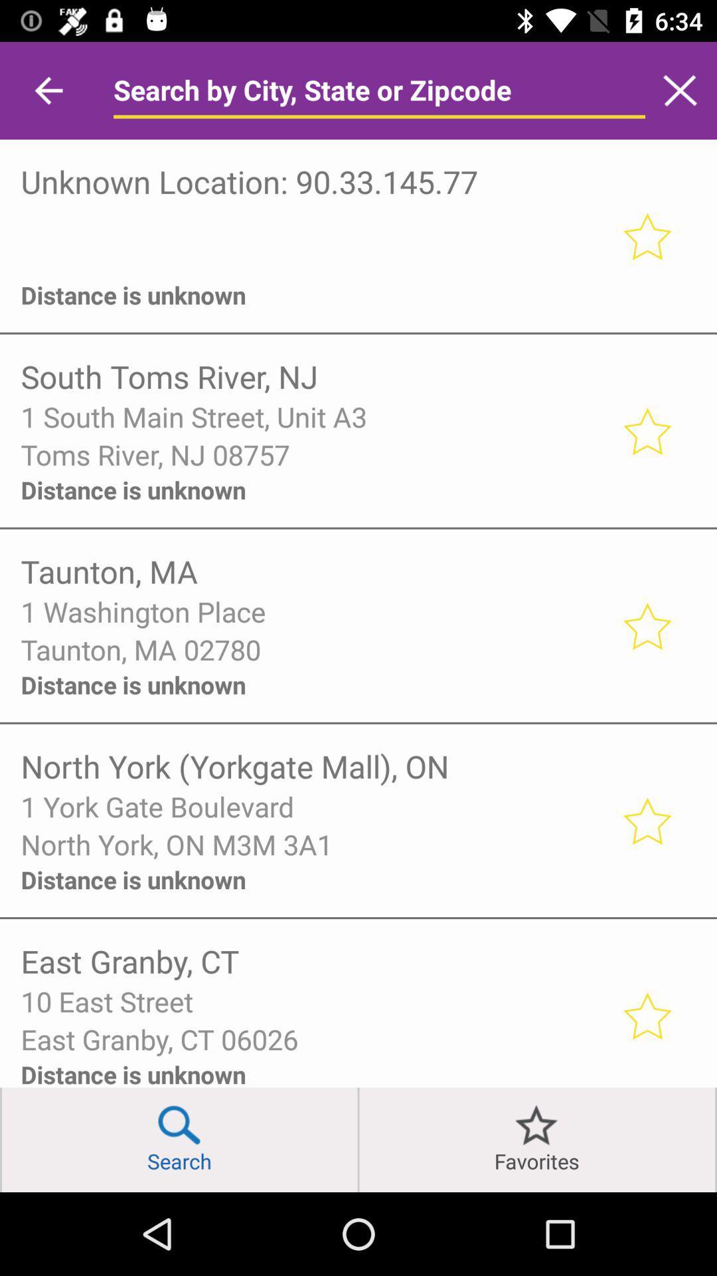 Image resolution: width=717 pixels, height=1276 pixels. Describe the element at coordinates (646, 625) in the screenshot. I see `like selection` at that location.